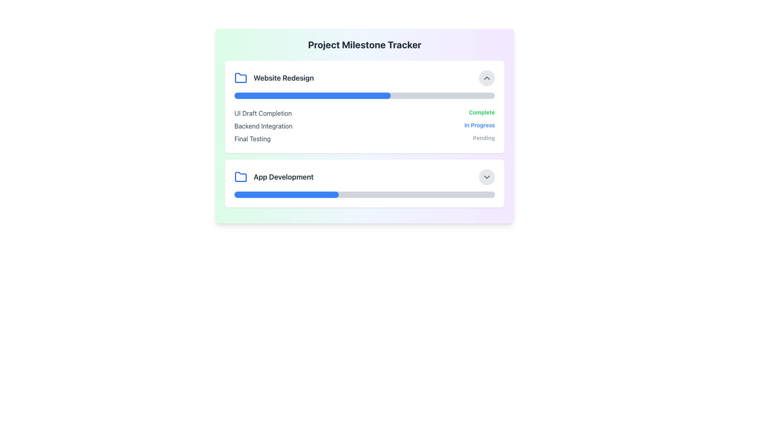 Image resolution: width=767 pixels, height=431 pixels. What do you see at coordinates (364, 95) in the screenshot?
I see `the progress visually by focusing on the Progress Bar that represents the completion of the 'Website Redesign' milestone located in the 'Project Milestone Tracker' interface, directly below the header text 'Website Redesign'` at bounding box center [364, 95].